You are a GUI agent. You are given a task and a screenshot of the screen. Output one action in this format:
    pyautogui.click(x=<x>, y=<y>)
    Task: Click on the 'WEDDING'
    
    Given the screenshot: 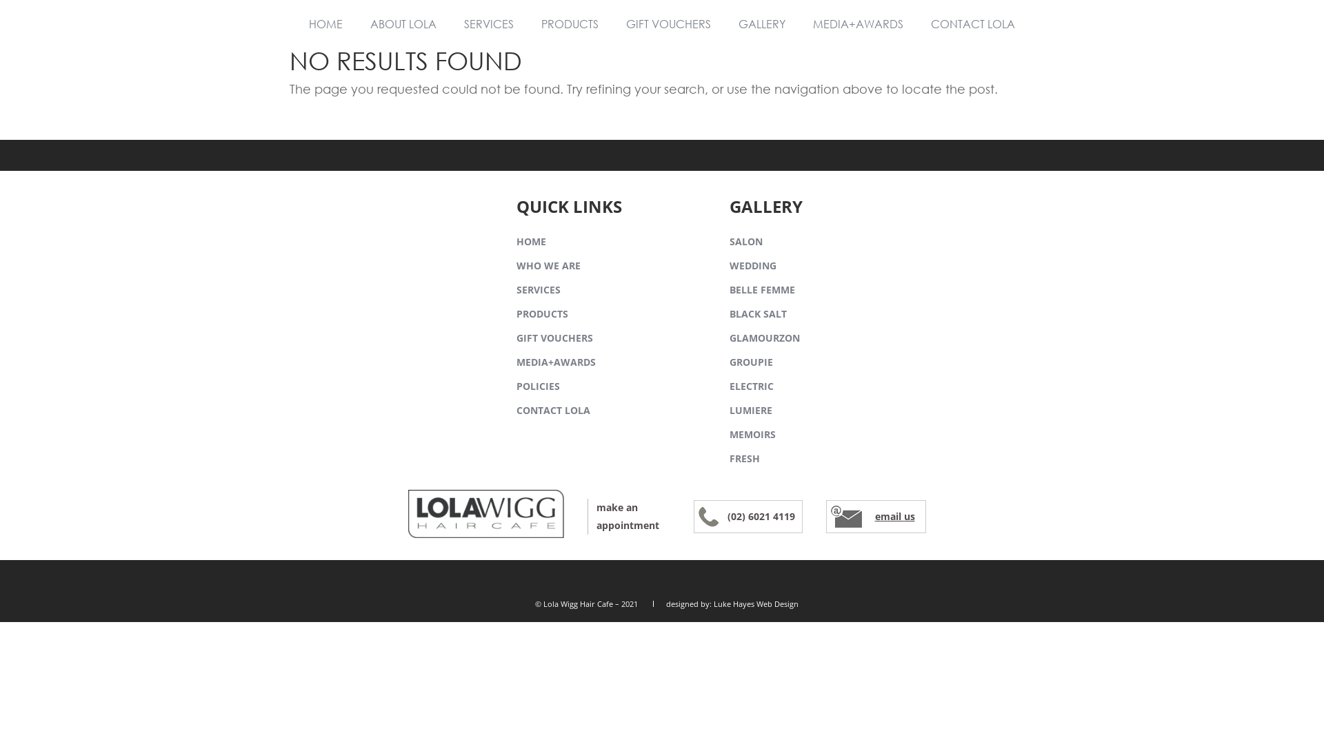 What is the action you would take?
    pyautogui.click(x=752, y=267)
    